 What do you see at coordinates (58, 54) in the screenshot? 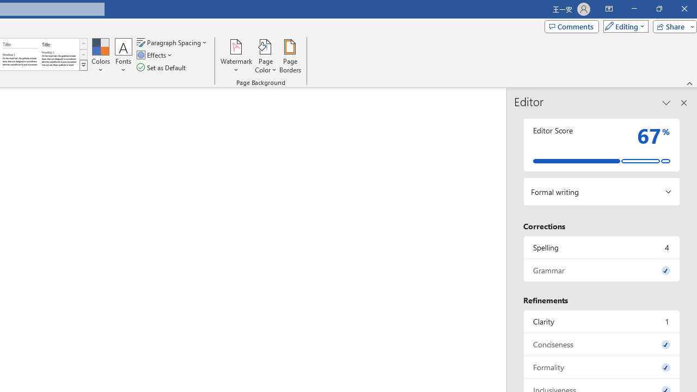
I see `'Word 2013'` at bounding box center [58, 54].